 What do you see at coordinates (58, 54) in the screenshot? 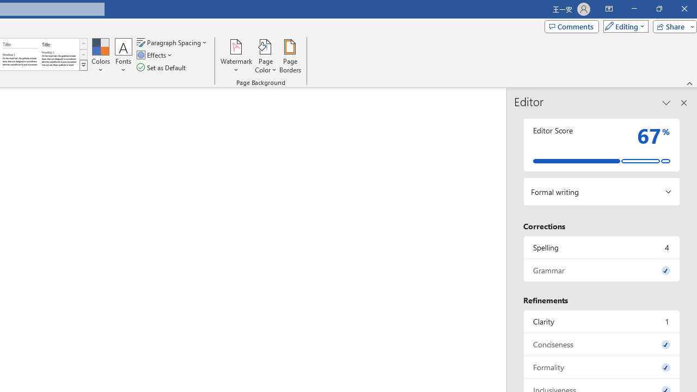
I see `'Word 2013'` at bounding box center [58, 54].